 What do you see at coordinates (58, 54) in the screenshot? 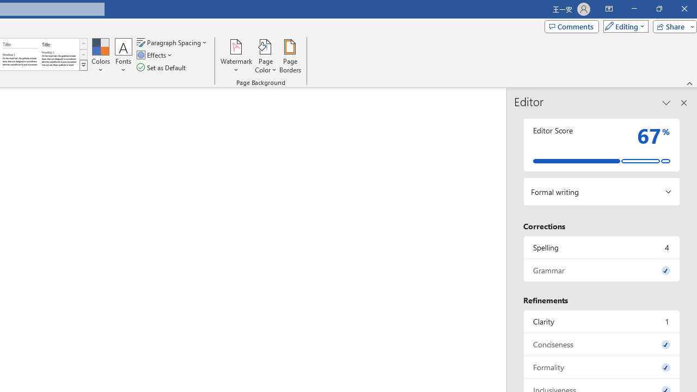
I see `'Word 2013'` at bounding box center [58, 54].